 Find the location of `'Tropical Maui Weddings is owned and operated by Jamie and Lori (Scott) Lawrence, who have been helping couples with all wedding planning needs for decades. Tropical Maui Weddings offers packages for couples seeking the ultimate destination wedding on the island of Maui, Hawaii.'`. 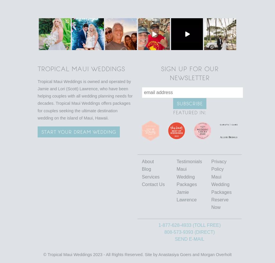

'Tropical Maui Weddings is owned and operated by Jamie and Lori (Scott) Lawrence, who have been helping couples with all wedding planning needs for decades. Tropical Maui Weddings offers packages for couples seeking the ultimate destination wedding on the island of Maui, Hawaii.' is located at coordinates (85, 99).